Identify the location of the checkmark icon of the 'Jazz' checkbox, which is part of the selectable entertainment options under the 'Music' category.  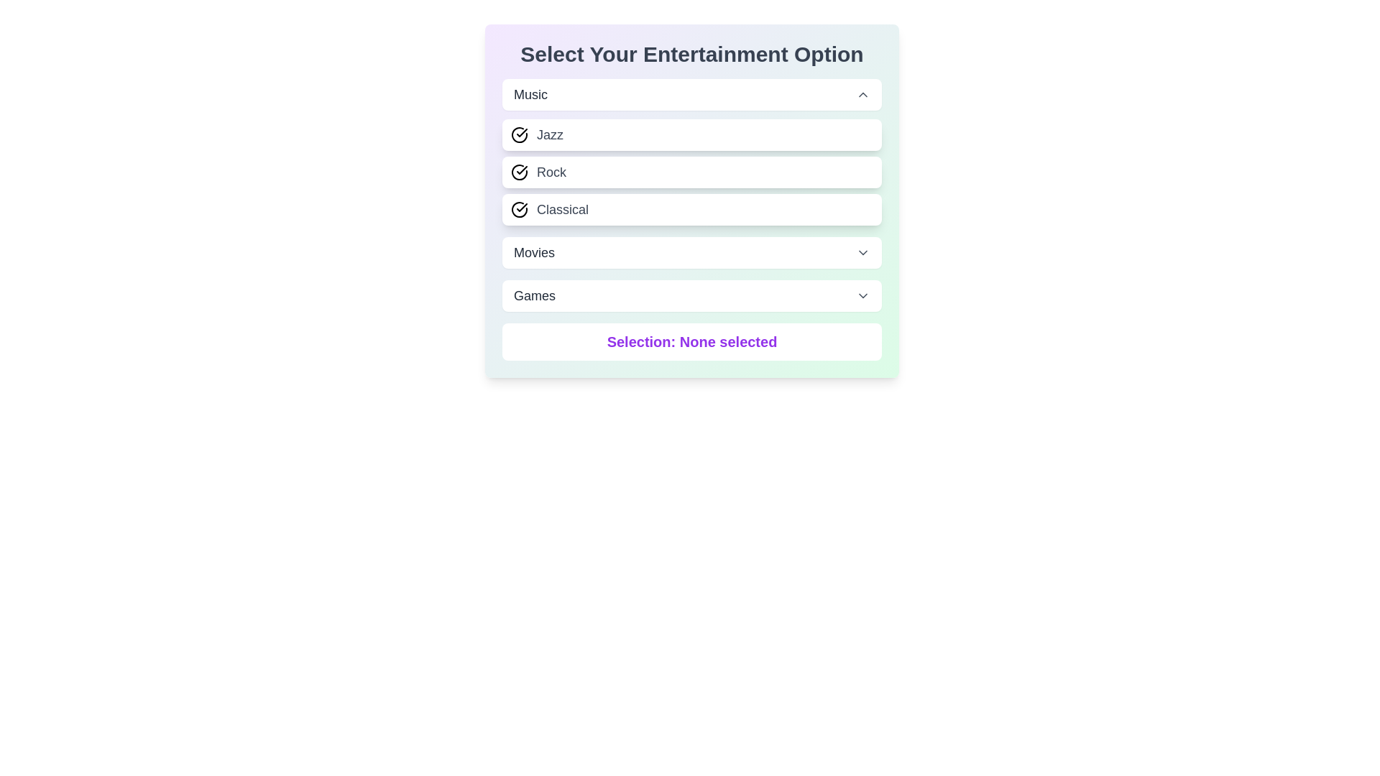
(521, 133).